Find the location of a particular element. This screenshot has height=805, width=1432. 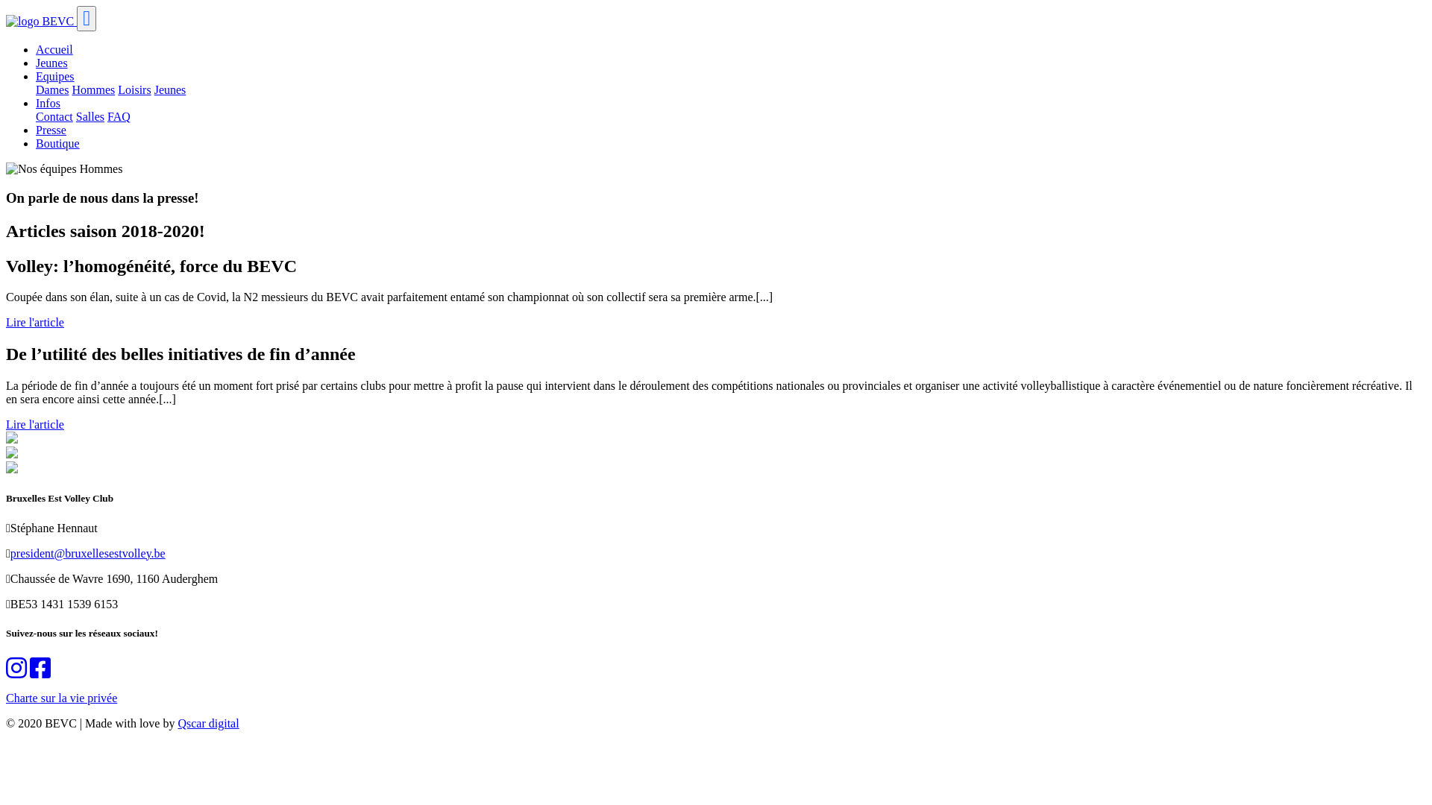

'Qscar digital' is located at coordinates (207, 722).